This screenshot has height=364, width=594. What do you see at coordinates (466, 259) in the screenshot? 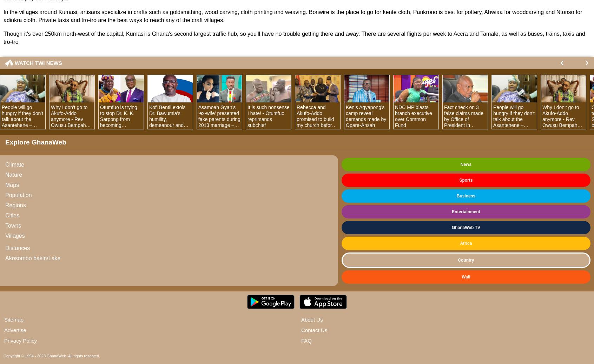
I see `'Country'` at bounding box center [466, 259].